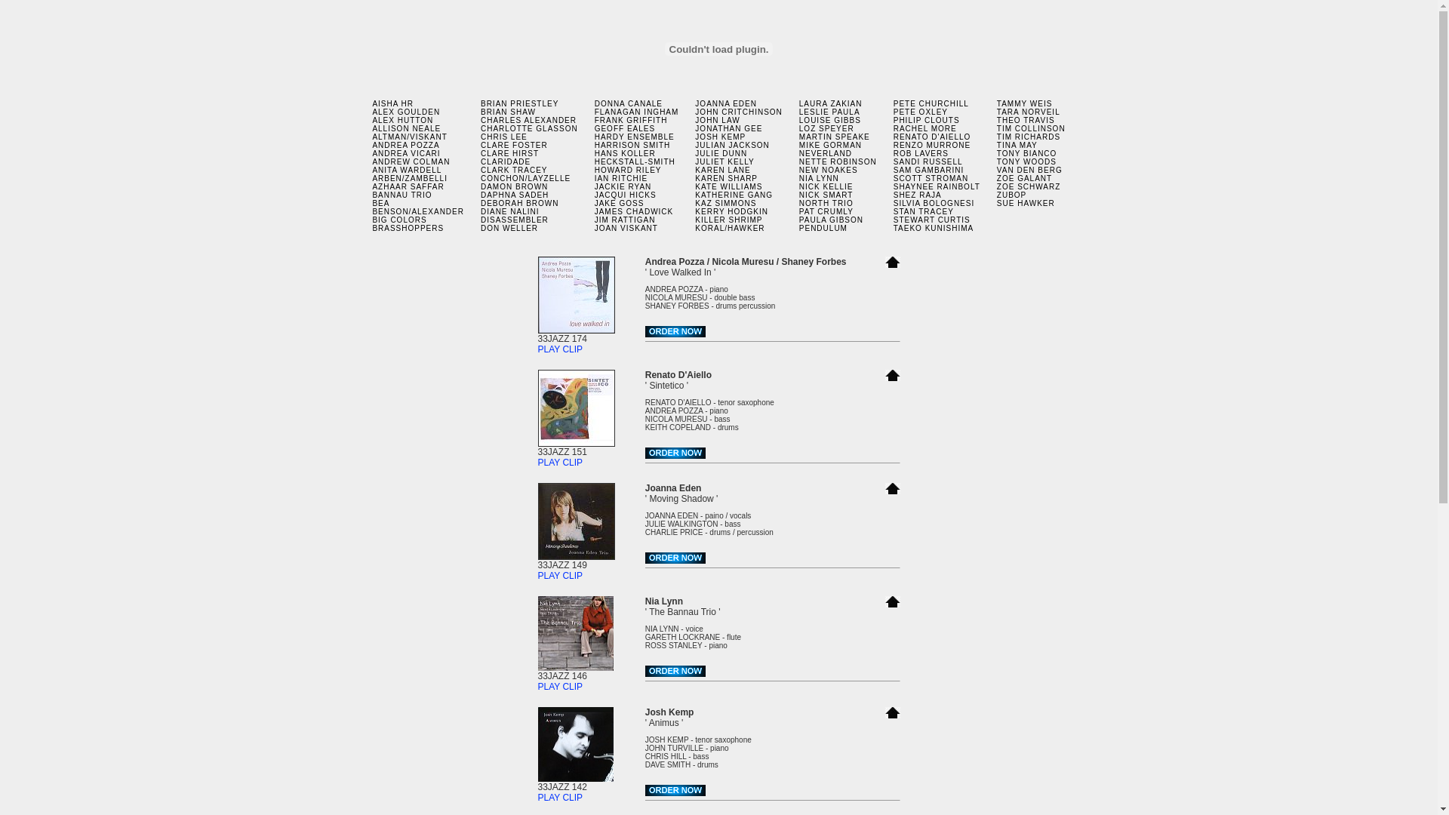  I want to click on 'CLARIDADE', so click(506, 161).